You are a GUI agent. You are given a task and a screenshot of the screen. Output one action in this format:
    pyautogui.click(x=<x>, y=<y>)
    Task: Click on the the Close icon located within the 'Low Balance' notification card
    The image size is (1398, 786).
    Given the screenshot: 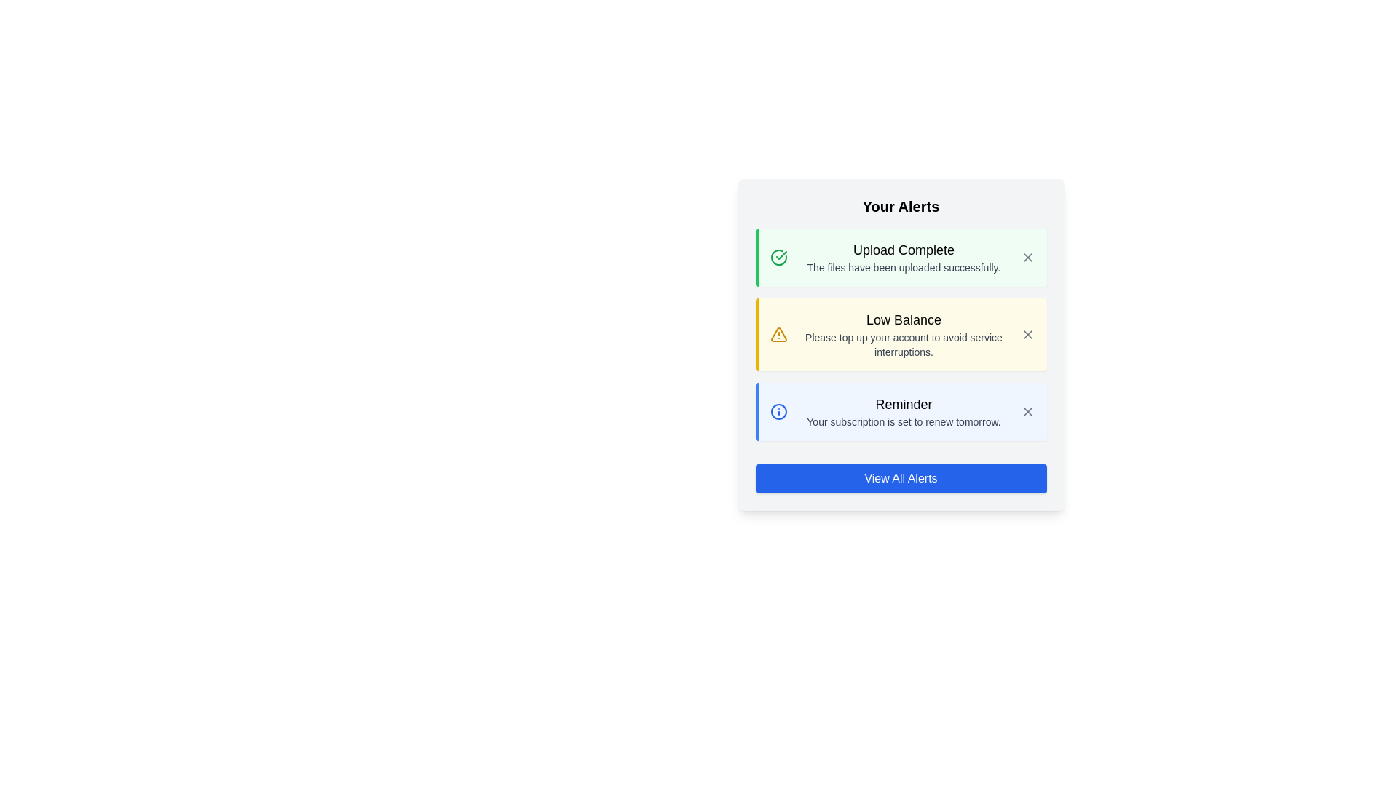 What is the action you would take?
    pyautogui.click(x=1027, y=334)
    